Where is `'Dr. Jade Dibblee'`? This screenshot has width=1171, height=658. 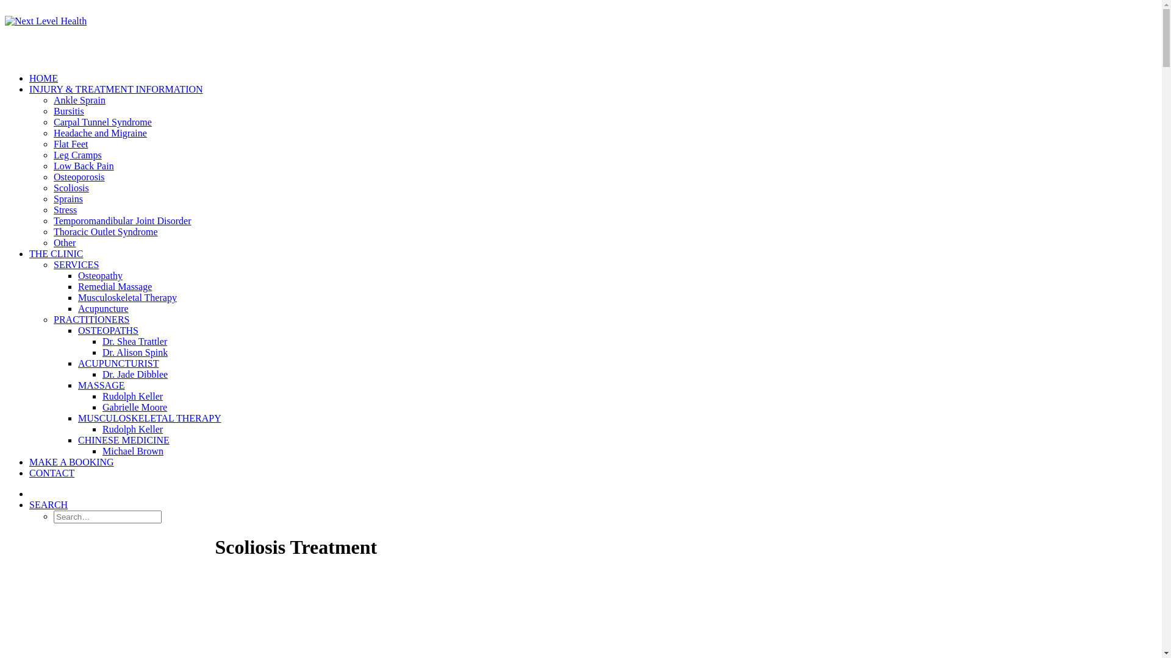 'Dr. Jade Dibblee' is located at coordinates (135, 373).